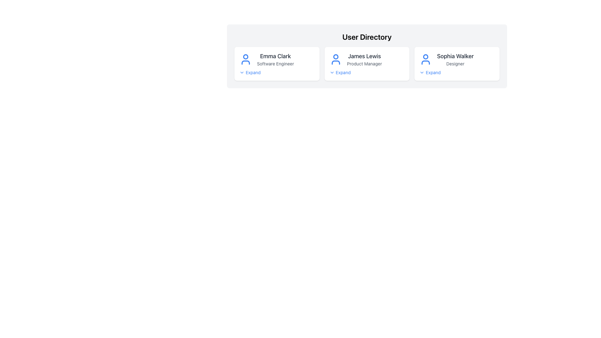 The width and height of the screenshot is (601, 338). I want to click on the non-interactive Text label displaying 'Product Manager', positioned below 'James Lewis' in the User Directory layout, so click(364, 64).